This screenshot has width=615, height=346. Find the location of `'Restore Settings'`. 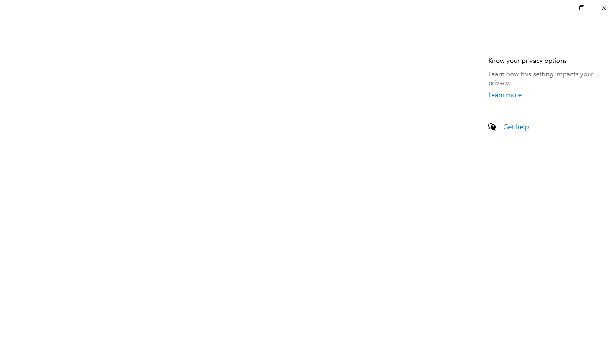

'Restore Settings' is located at coordinates (581, 7).